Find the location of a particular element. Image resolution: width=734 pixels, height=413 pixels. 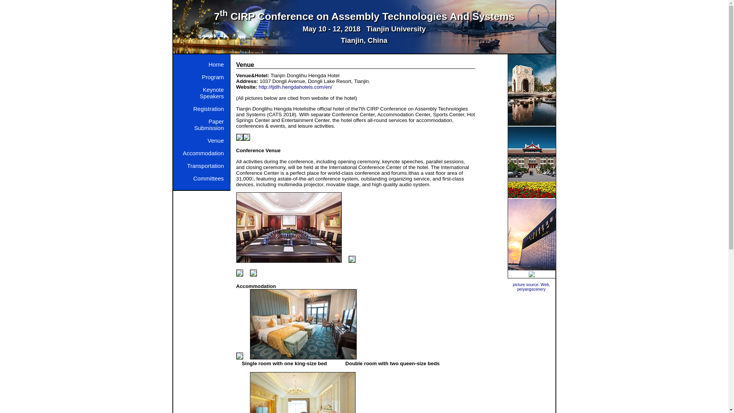

'Keynote Speakers' is located at coordinates (178, 91).